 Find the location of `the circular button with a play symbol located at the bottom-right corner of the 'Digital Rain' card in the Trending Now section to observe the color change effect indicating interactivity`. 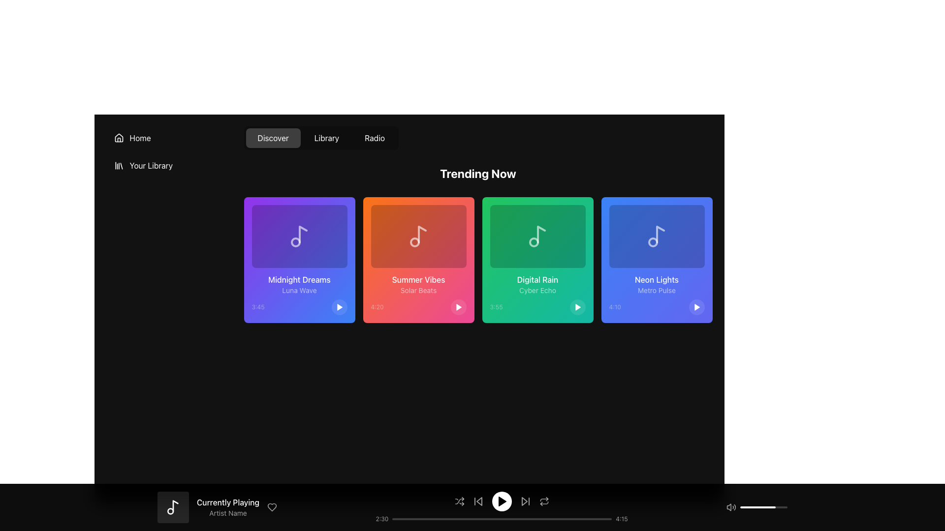

the circular button with a play symbol located at the bottom-right corner of the 'Digital Rain' card in the Trending Now section to observe the color change effect indicating interactivity is located at coordinates (577, 306).